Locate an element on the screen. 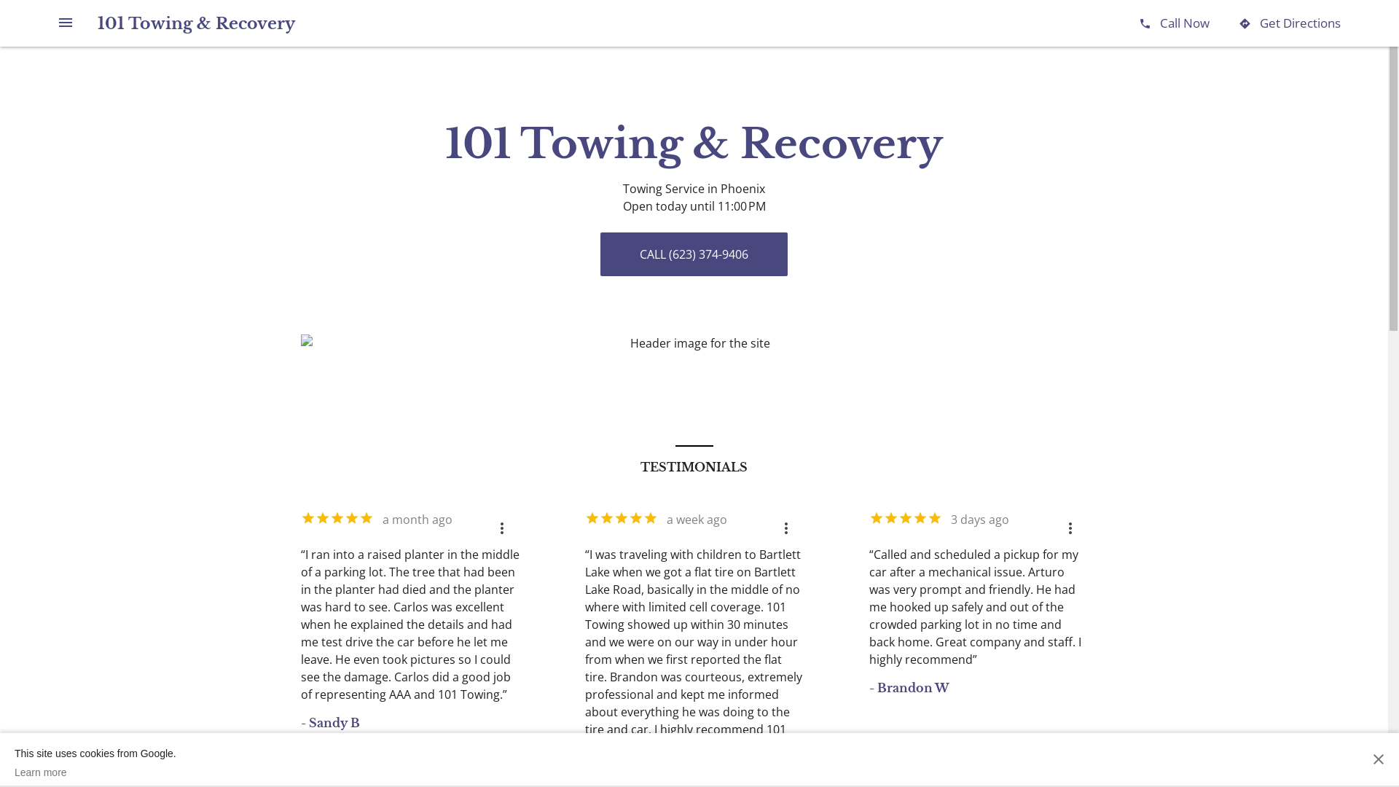  'Learn more' is located at coordinates (94, 772).